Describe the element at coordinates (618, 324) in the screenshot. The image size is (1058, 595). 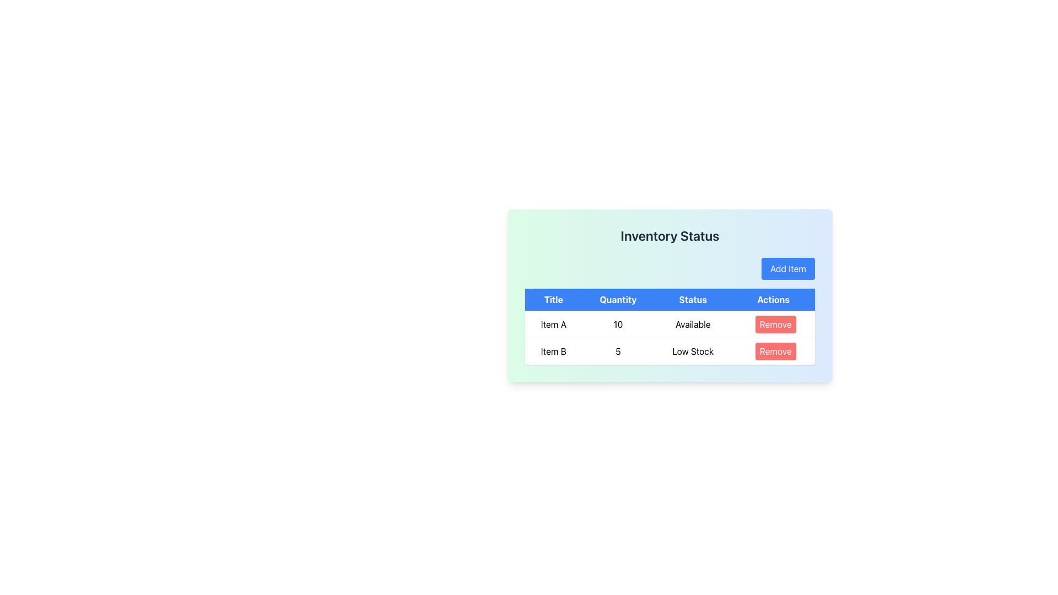
I see `the static text element displaying '10' located in the second column of the first row within the 'Inventory Status' table` at that location.